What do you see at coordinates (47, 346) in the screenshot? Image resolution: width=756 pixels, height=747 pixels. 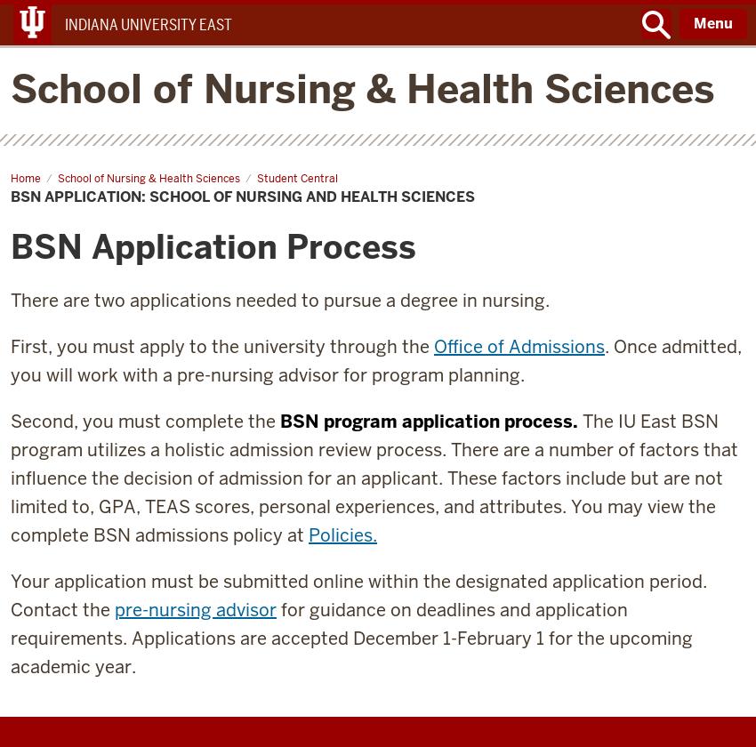 I see `', you must apply to the university through the'` at bounding box center [47, 346].